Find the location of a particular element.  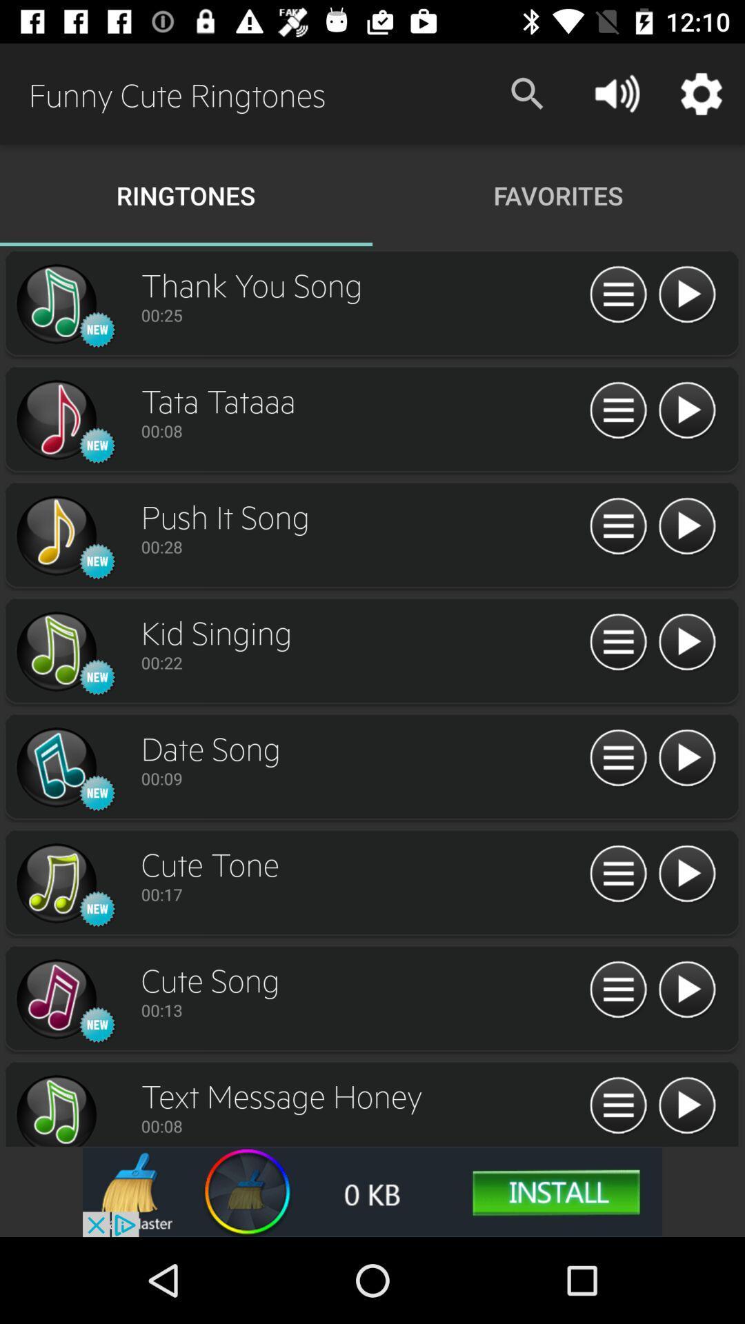

ringtone is located at coordinates (686, 526).